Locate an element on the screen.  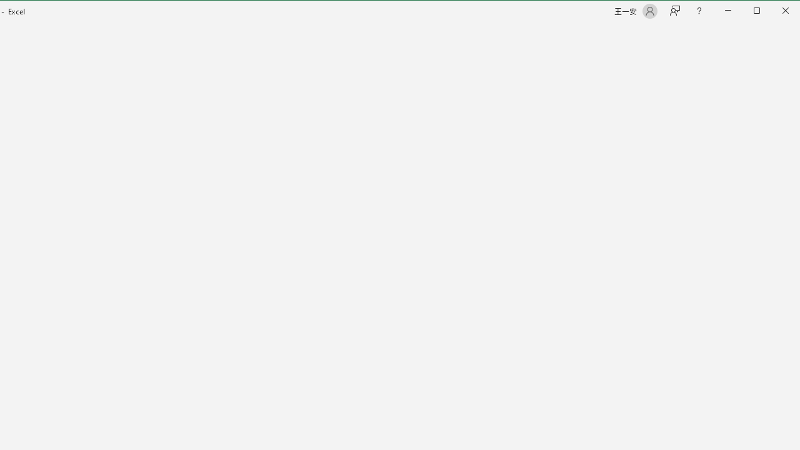
'Help' is located at coordinates (698, 11).